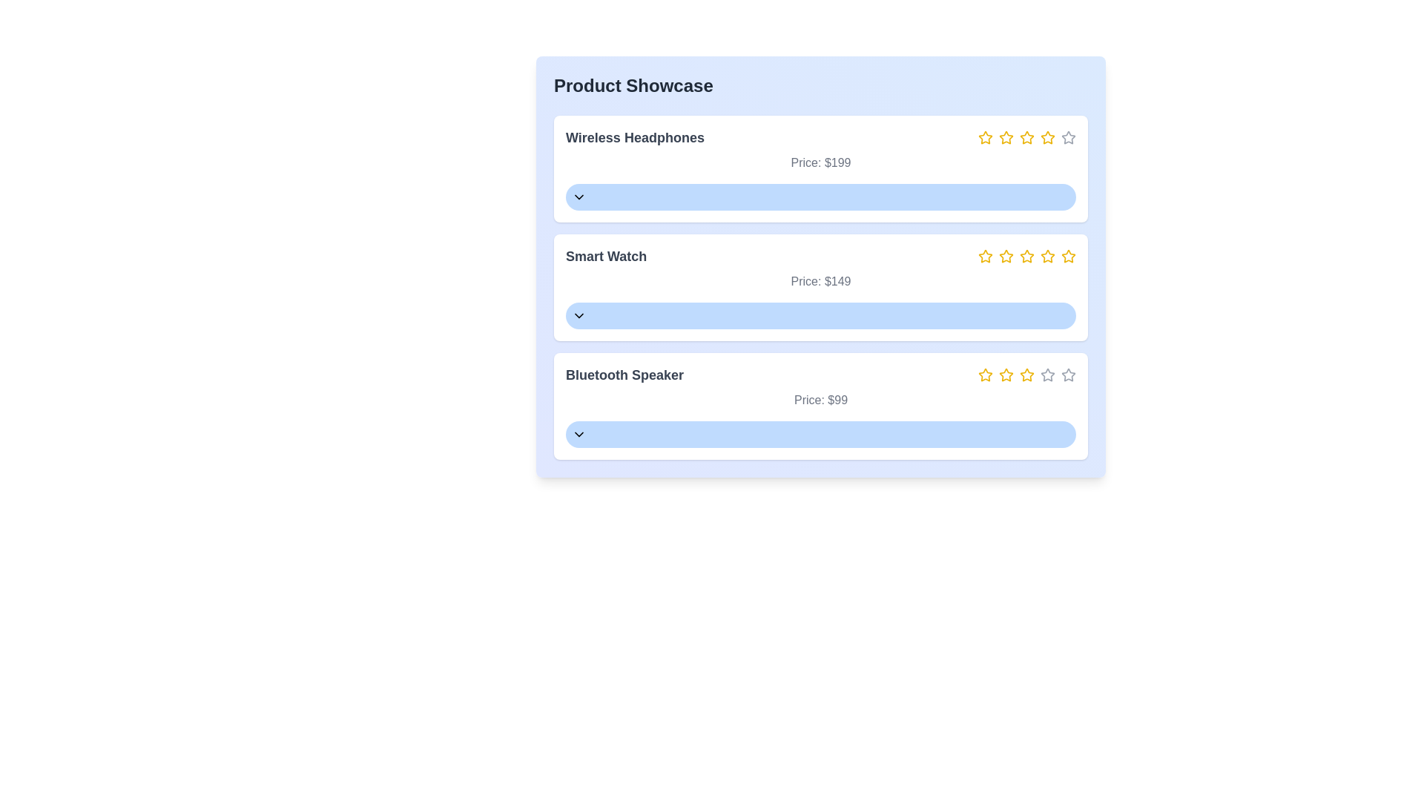  I want to click on the product title 'Wireless Headphones' in the product showcase, so click(820, 137).